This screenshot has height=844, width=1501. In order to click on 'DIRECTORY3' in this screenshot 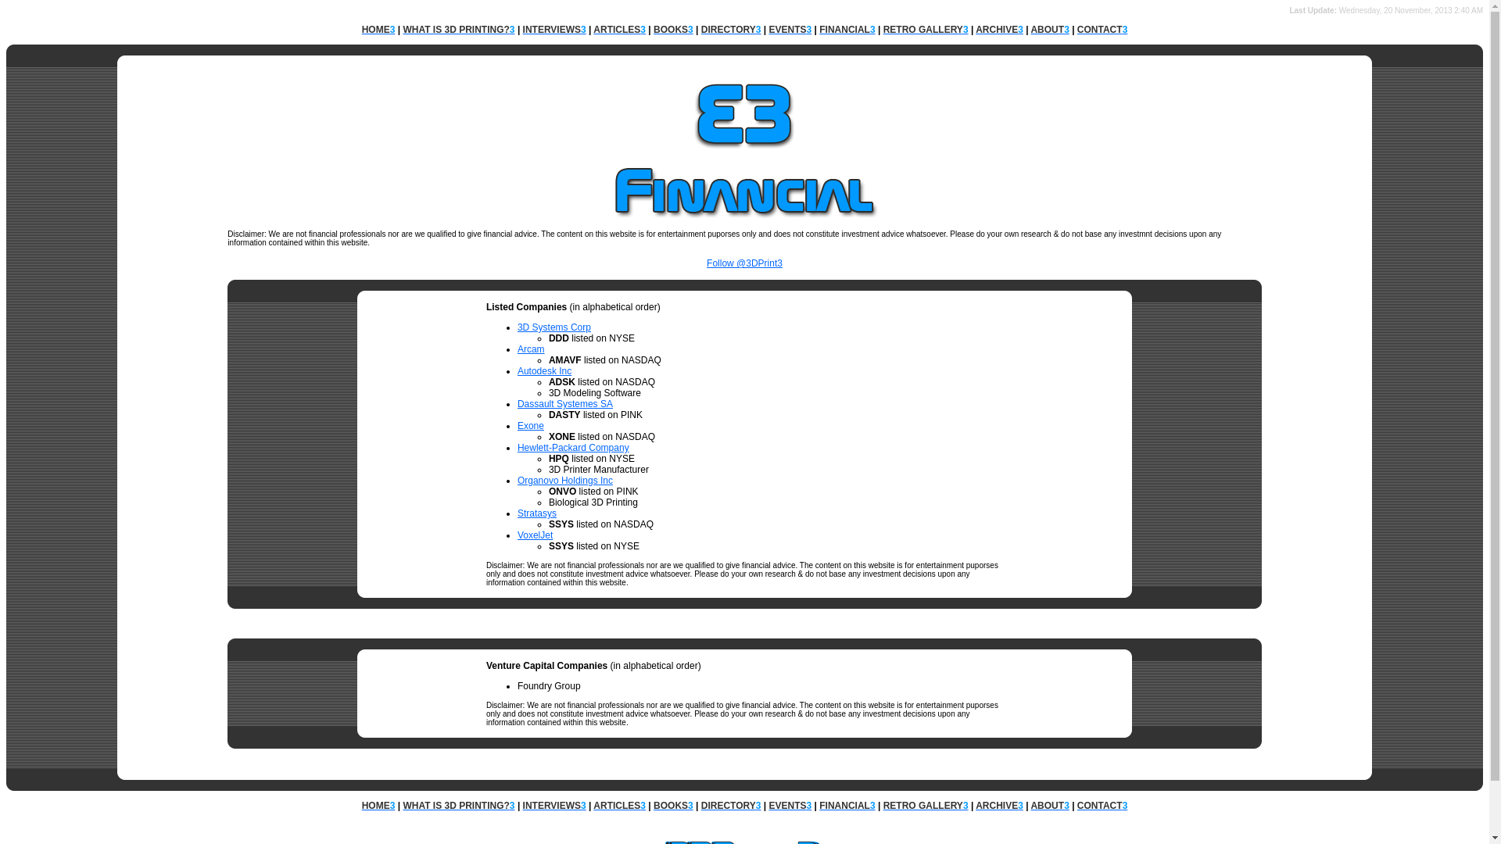, I will do `click(730, 805)`.